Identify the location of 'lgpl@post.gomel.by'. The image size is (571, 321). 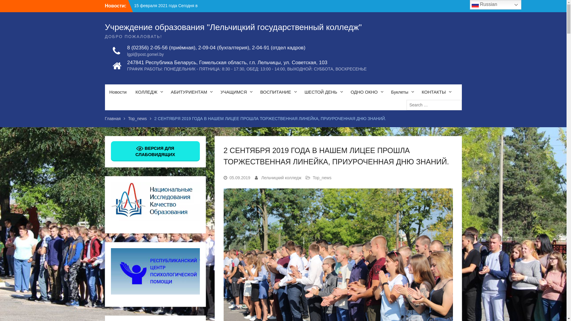
(216, 54).